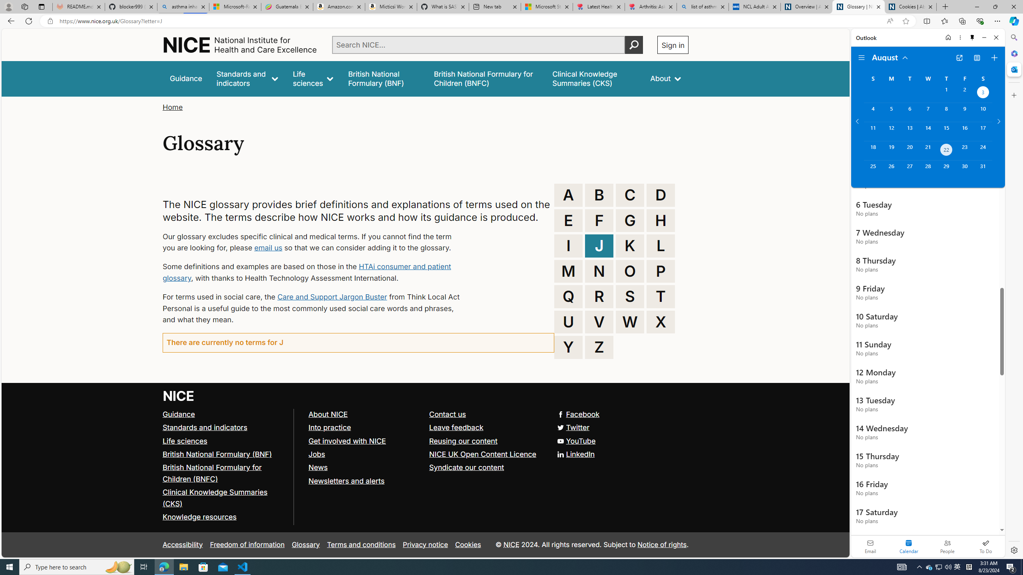 Image resolution: width=1023 pixels, height=575 pixels. What do you see at coordinates (873, 170) in the screenshot?
I see `'Sunday, August 25, 2024. '` at bounding box center [873, 170].